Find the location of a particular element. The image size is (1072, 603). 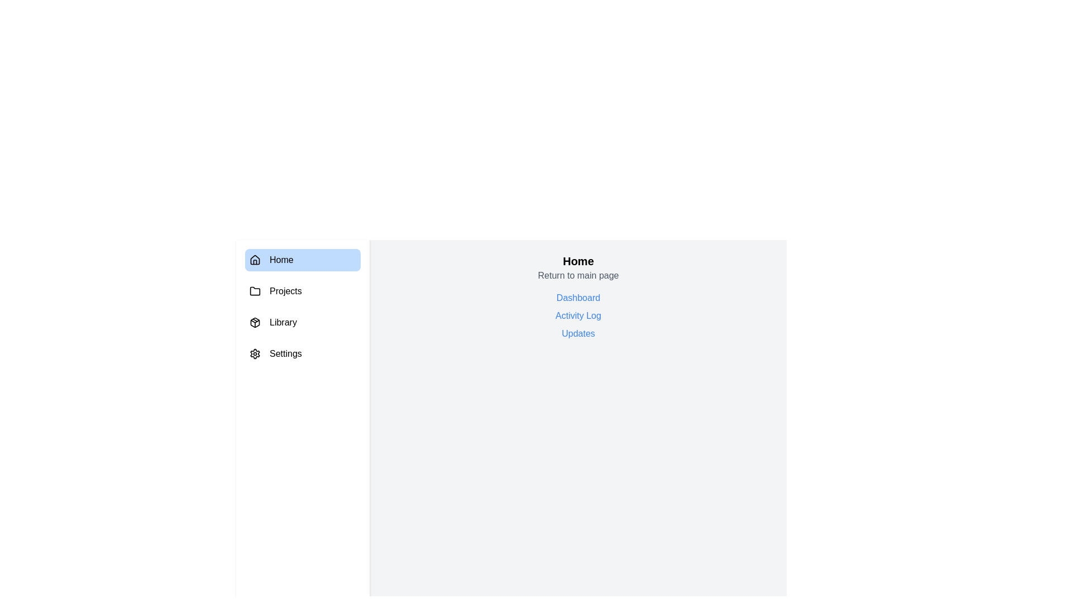

the house icon that is part of the 'Home' menu item, located on the top-left corner of the menu section, which is highlighted in blue is located at coordinates (254, 260).